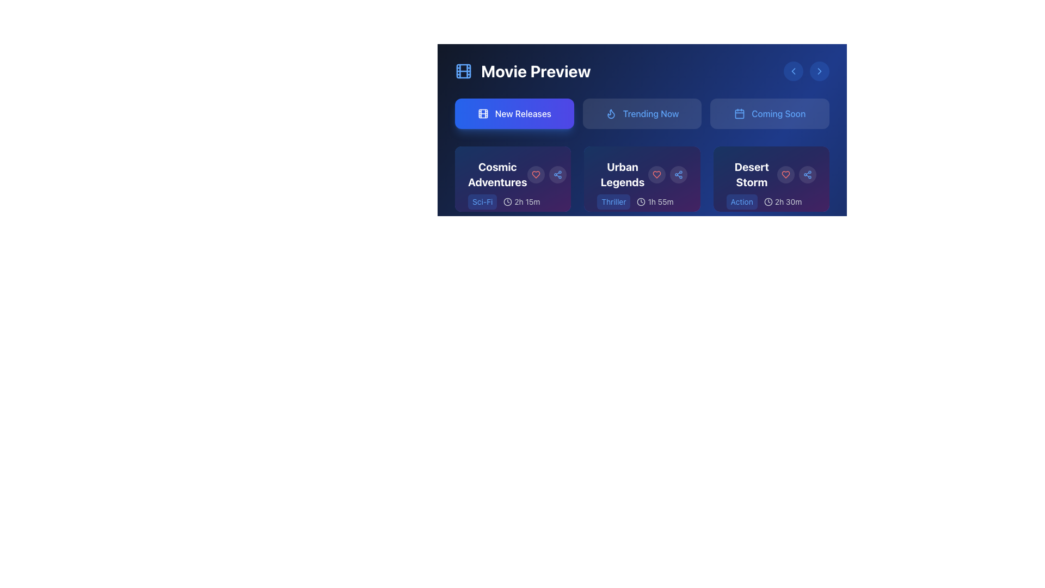  What do you see at coordinates (741, 201) in the screenshot?
I see `the rectangular badge with rounded corners that contains the text 'Action' in light blue font, located within the 'Desert Storm' card` at bounding box center [741, 201].